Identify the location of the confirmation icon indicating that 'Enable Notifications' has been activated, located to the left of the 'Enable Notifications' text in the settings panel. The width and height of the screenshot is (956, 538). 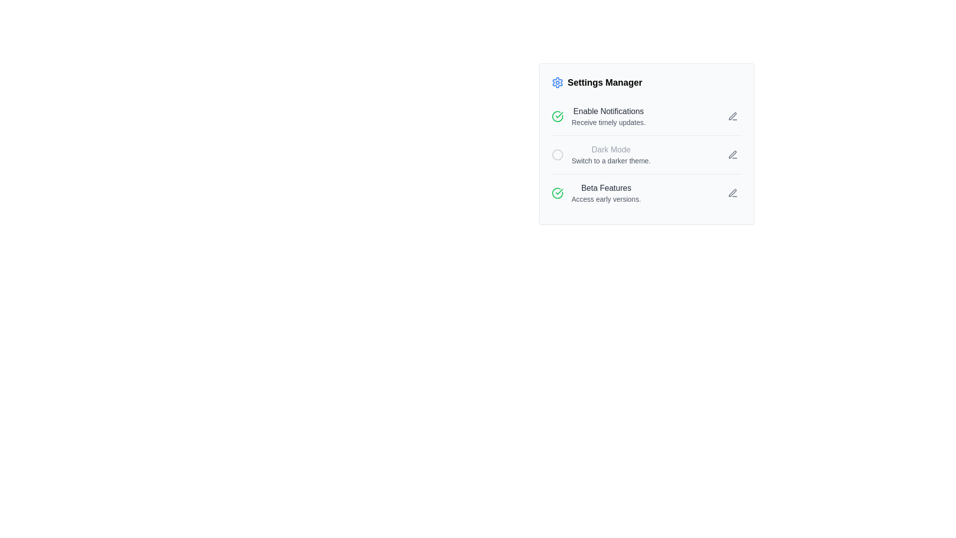
(557, 193).